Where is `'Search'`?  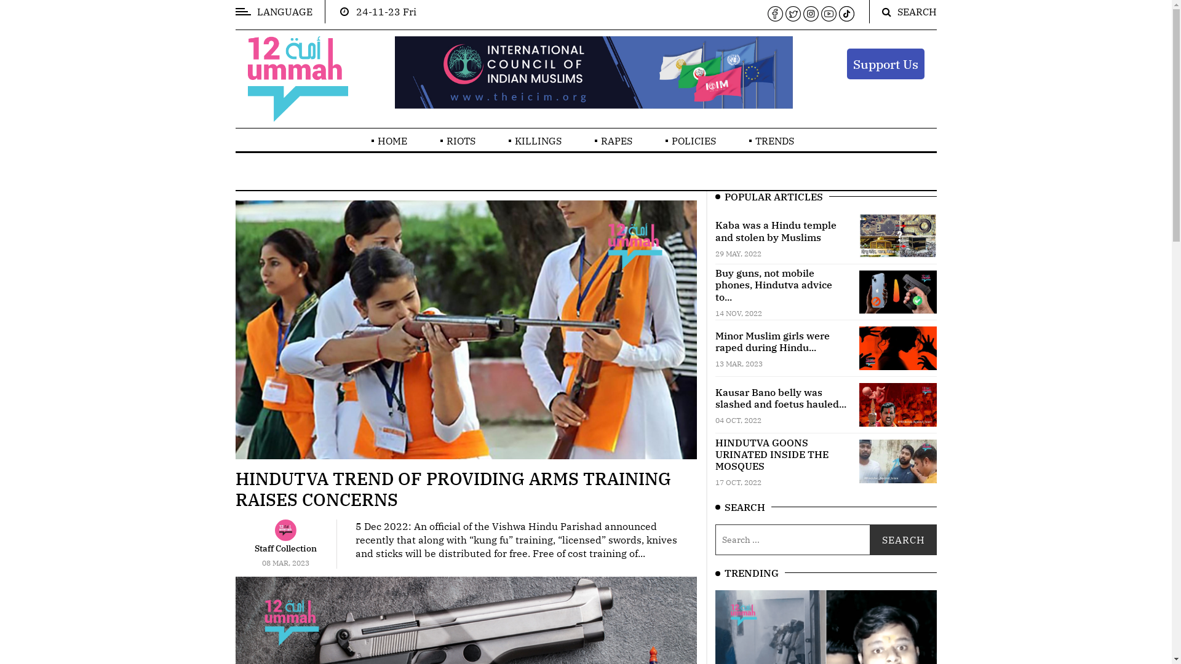
'Search' is located at coordinates (903, 539).